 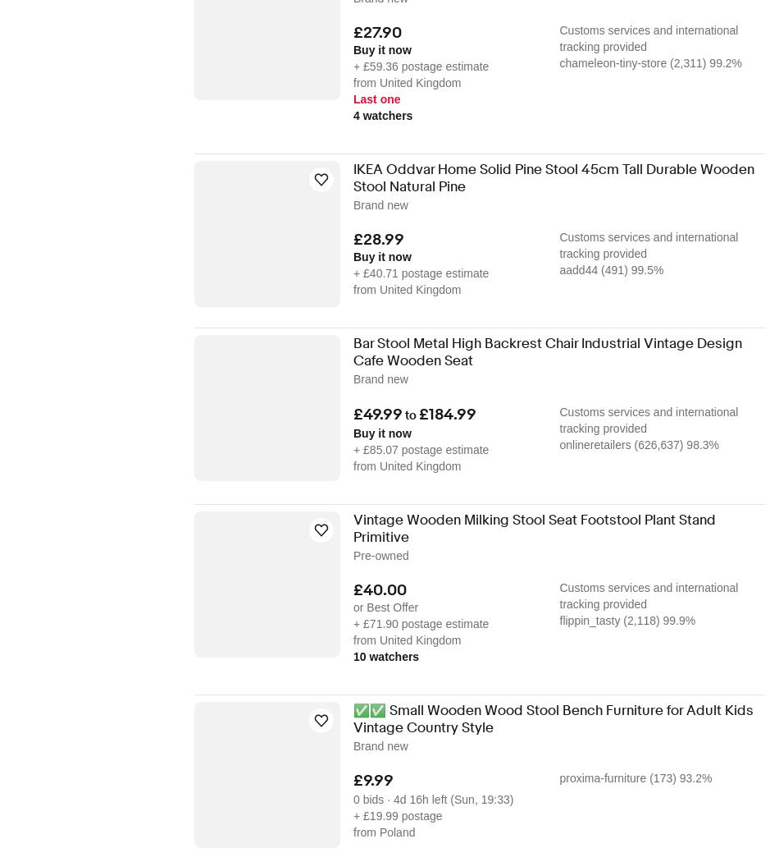 What do you see at coordinates (353, 66) in the screenshot?
I see `'+ £59.36 postage estimate'` at bounding box center [353, 66].